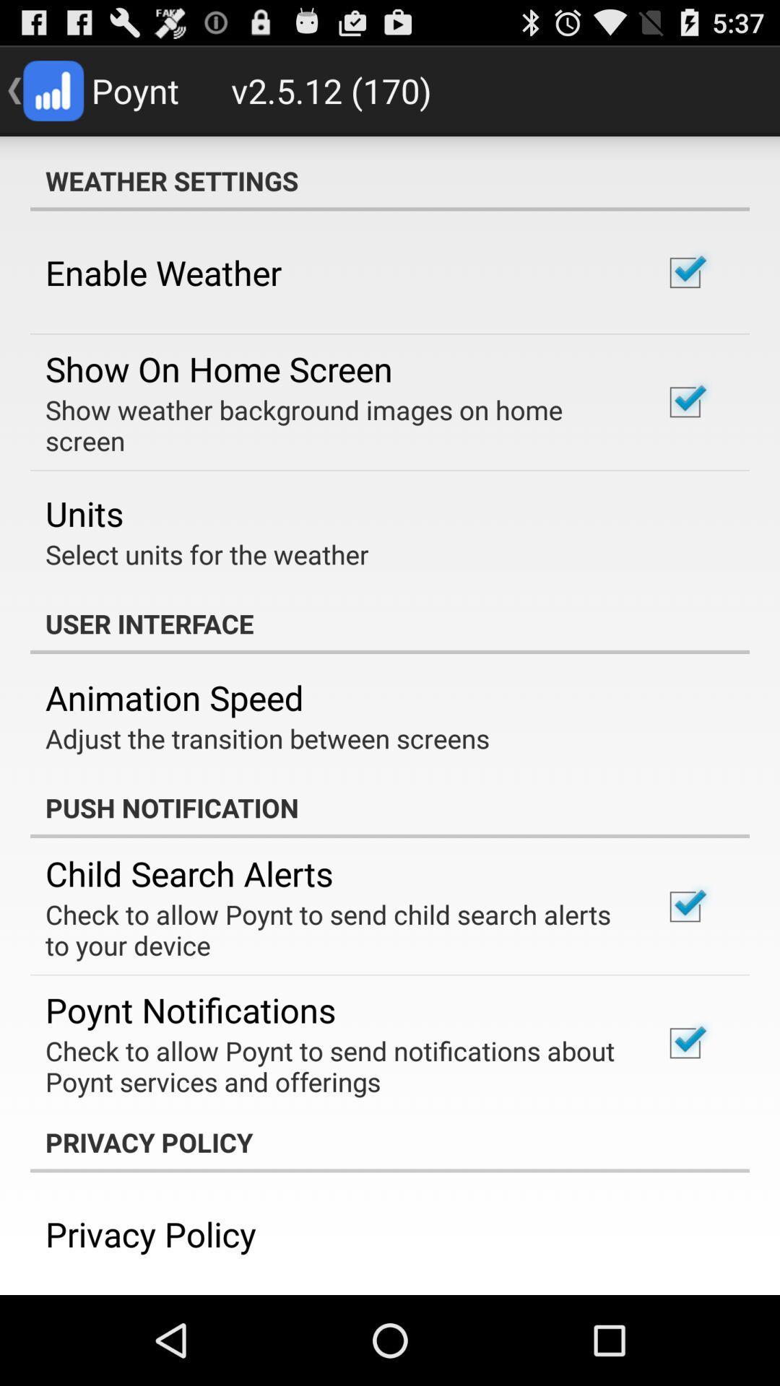 The image size is (780, 1386). I want to click on the icon above the user interface item, so click(207, 554).